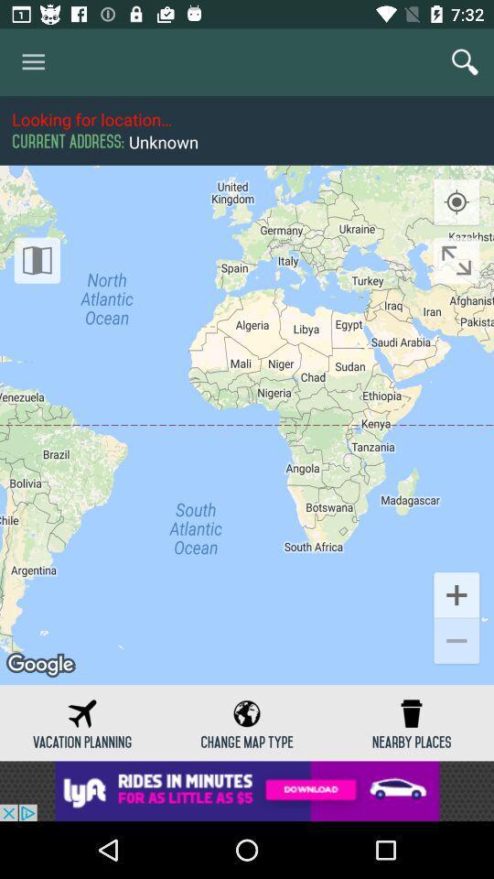  I want to click on open advertisement, so click(247, 790).